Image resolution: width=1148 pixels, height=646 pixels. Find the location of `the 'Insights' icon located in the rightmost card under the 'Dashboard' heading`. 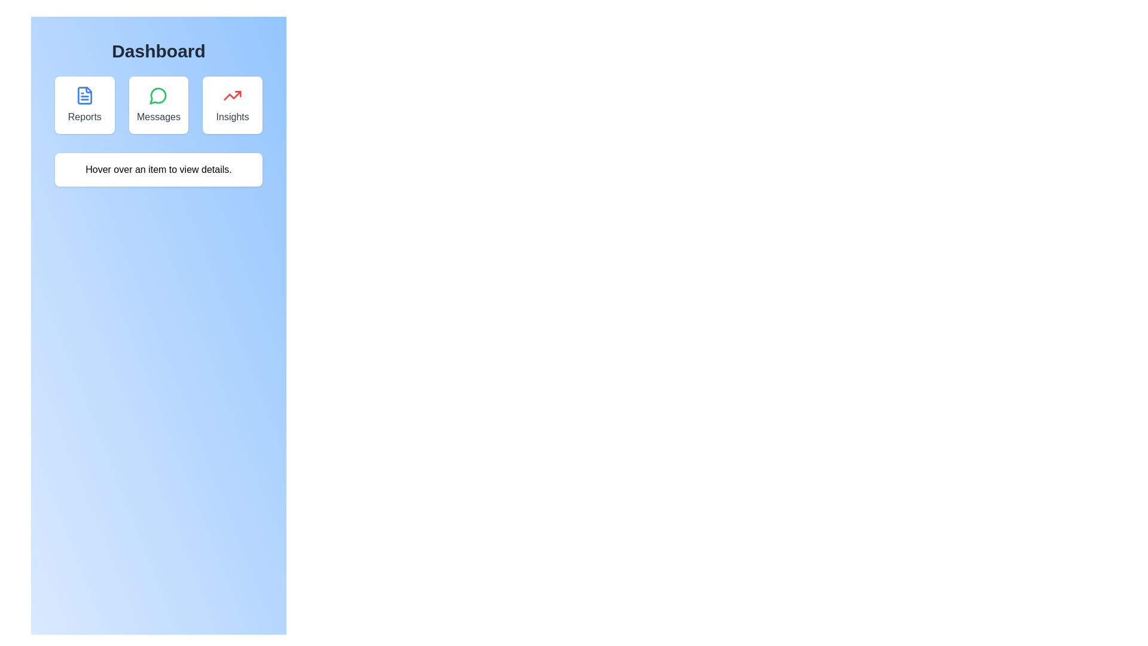

the 'Insights' icon located in the rightmost card under the 'Dashboard' heading is located at coordinates (233, 95).